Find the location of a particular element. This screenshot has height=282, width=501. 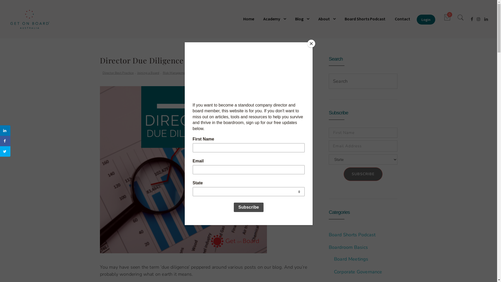

'Contact' is located at coordinates (402, 19).